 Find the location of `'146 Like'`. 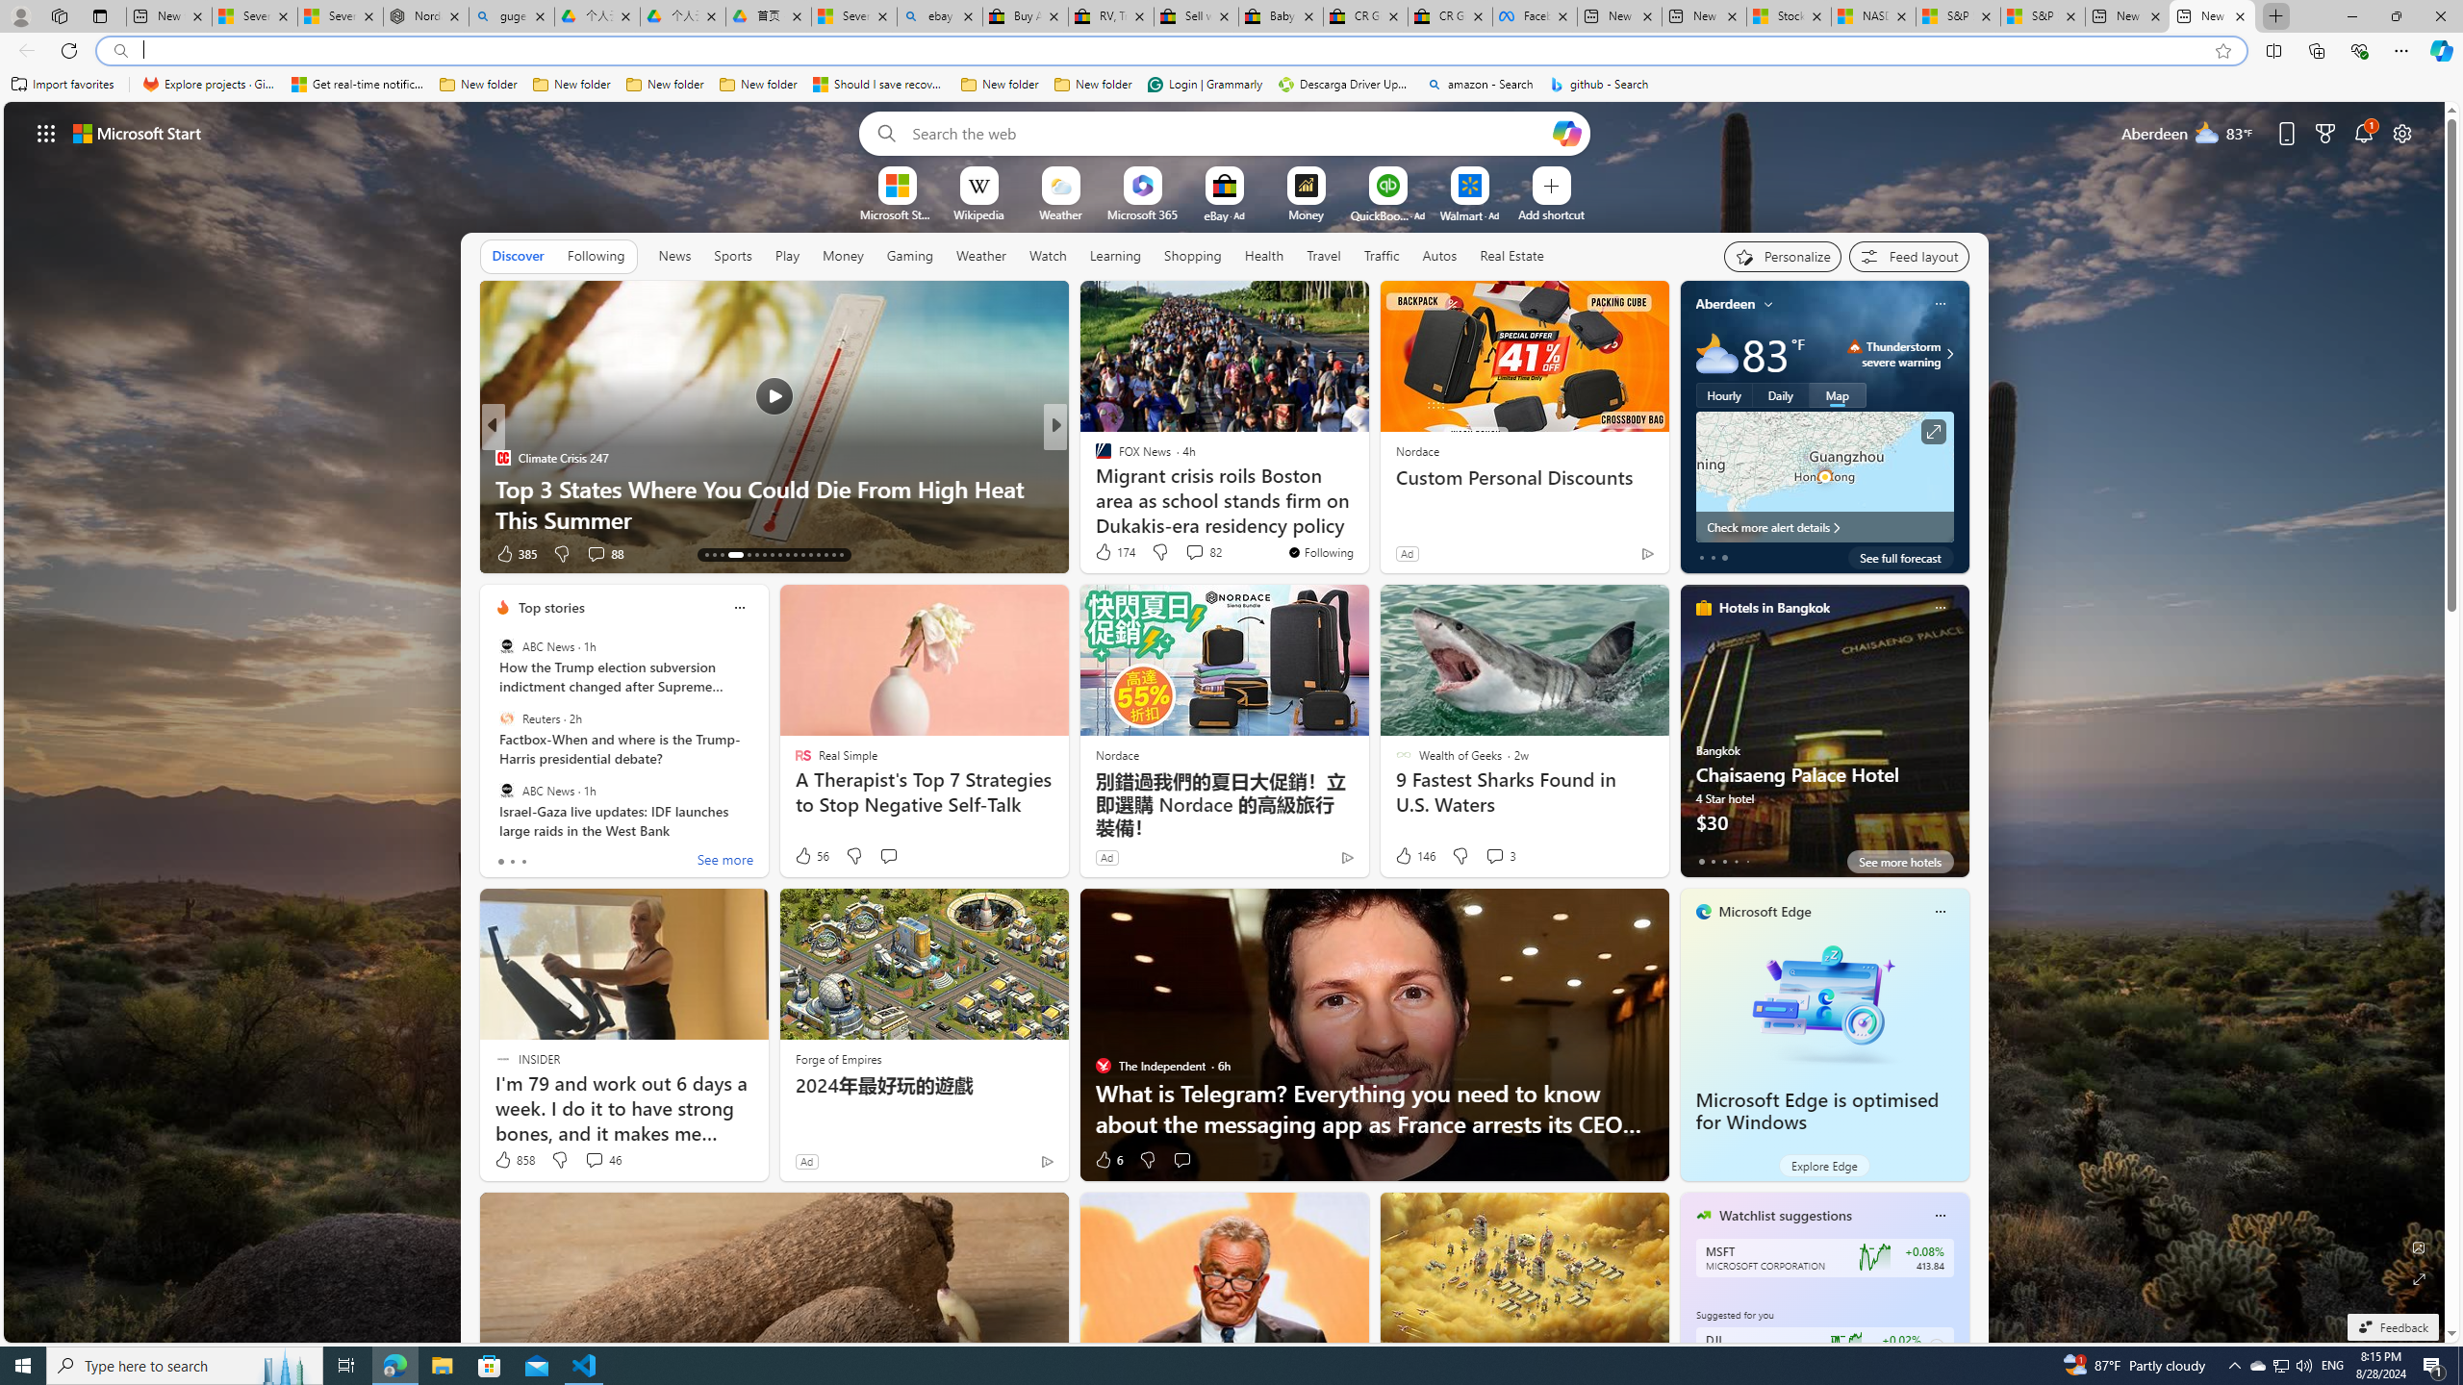

'146 Like' is located at coordinates (1412, 854).